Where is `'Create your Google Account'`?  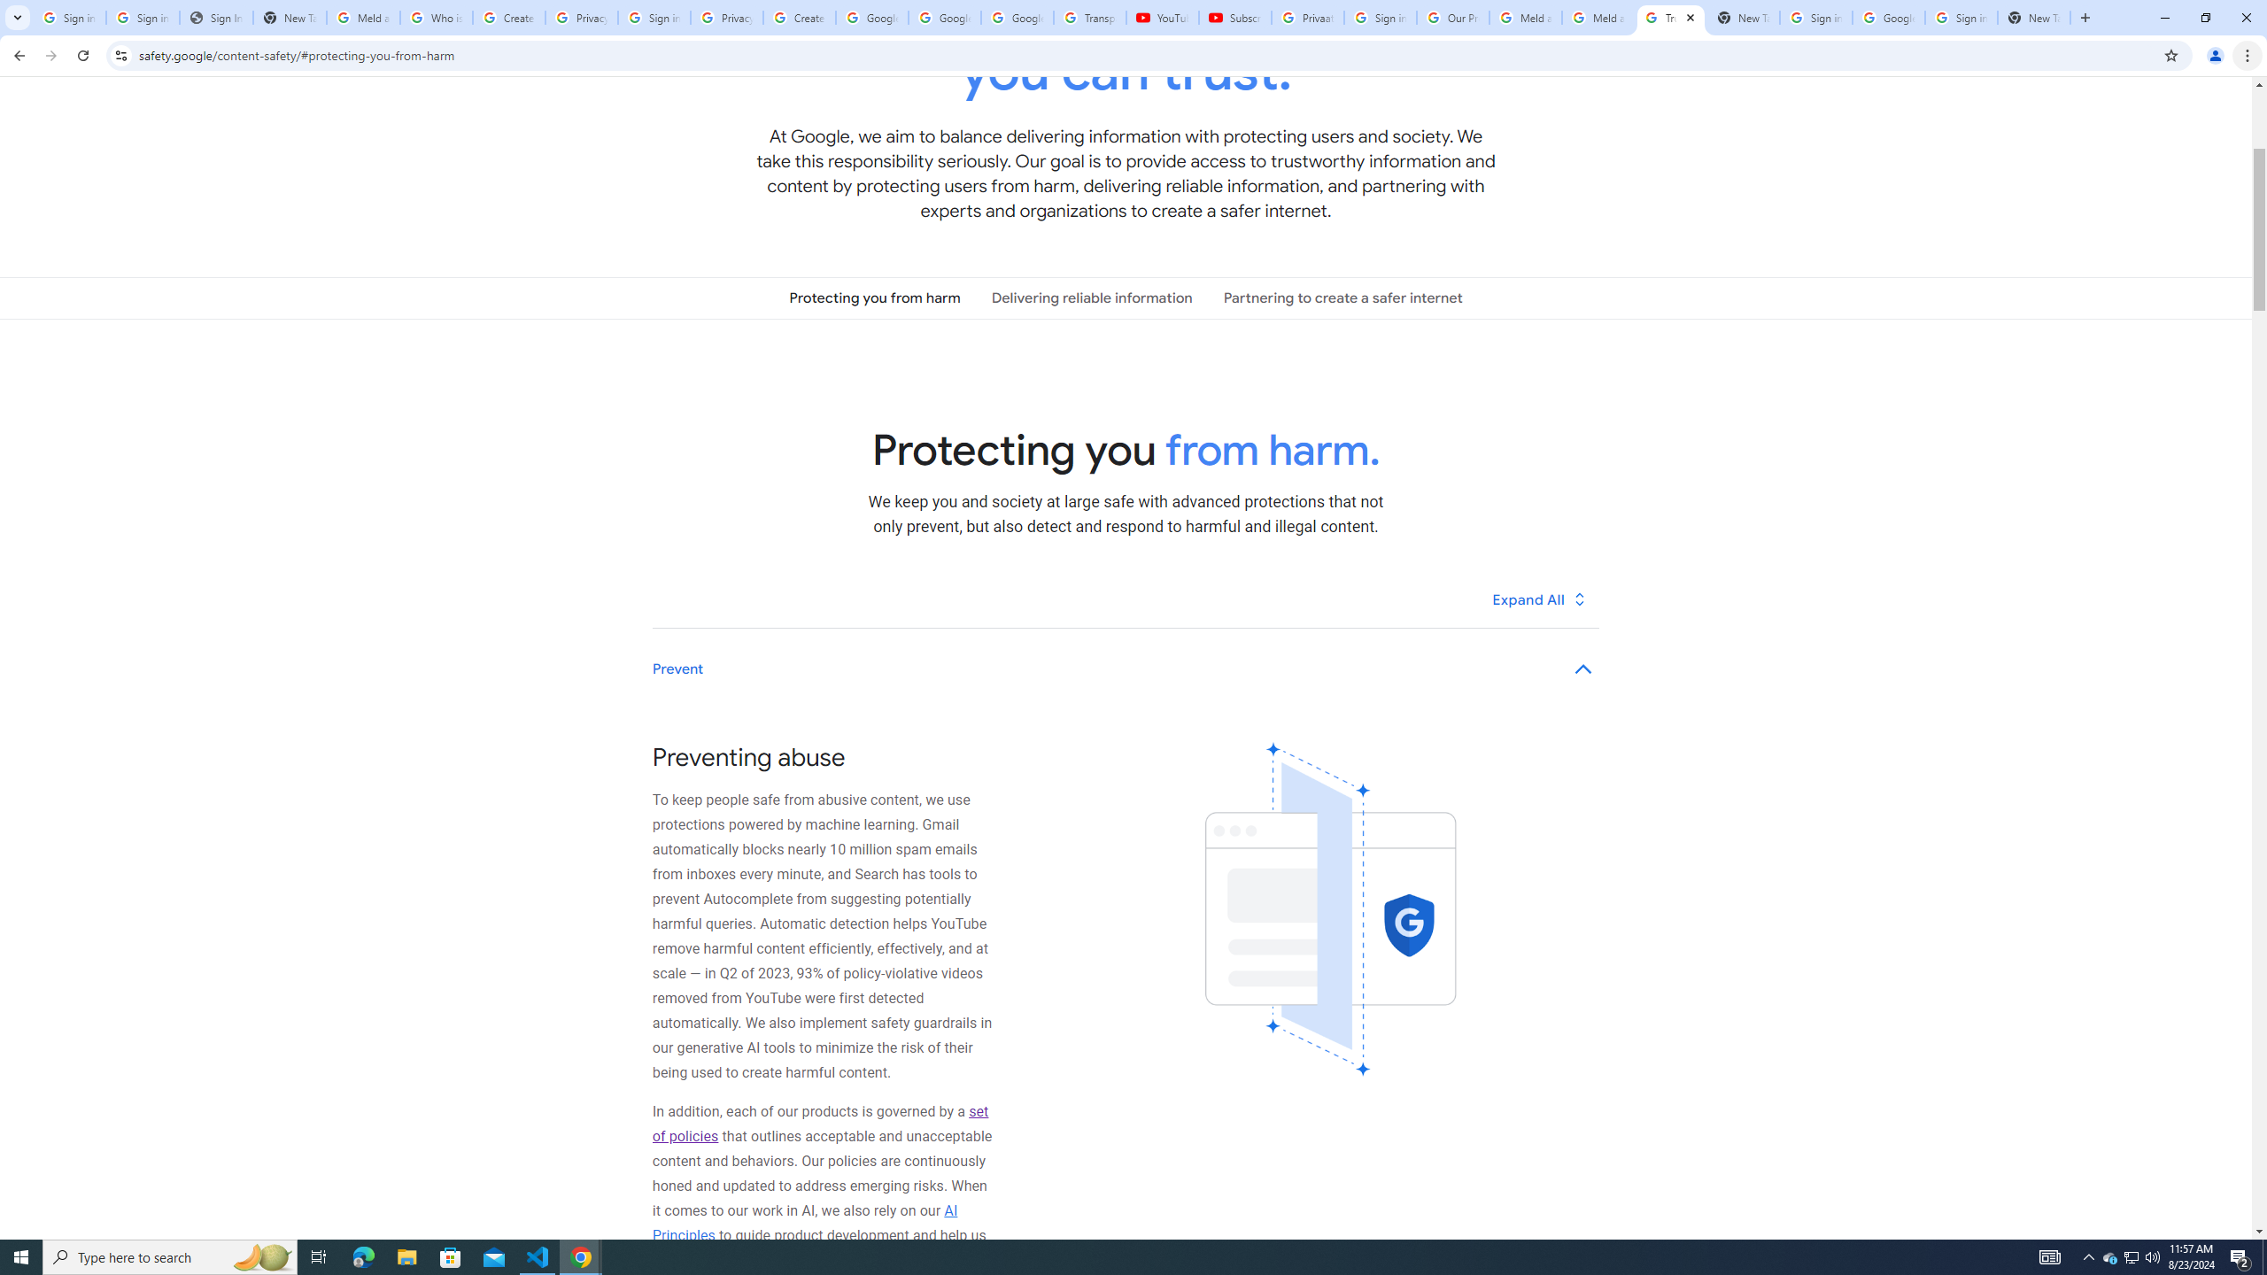 'Create your Google Account' is located at coordinates (798, 17).